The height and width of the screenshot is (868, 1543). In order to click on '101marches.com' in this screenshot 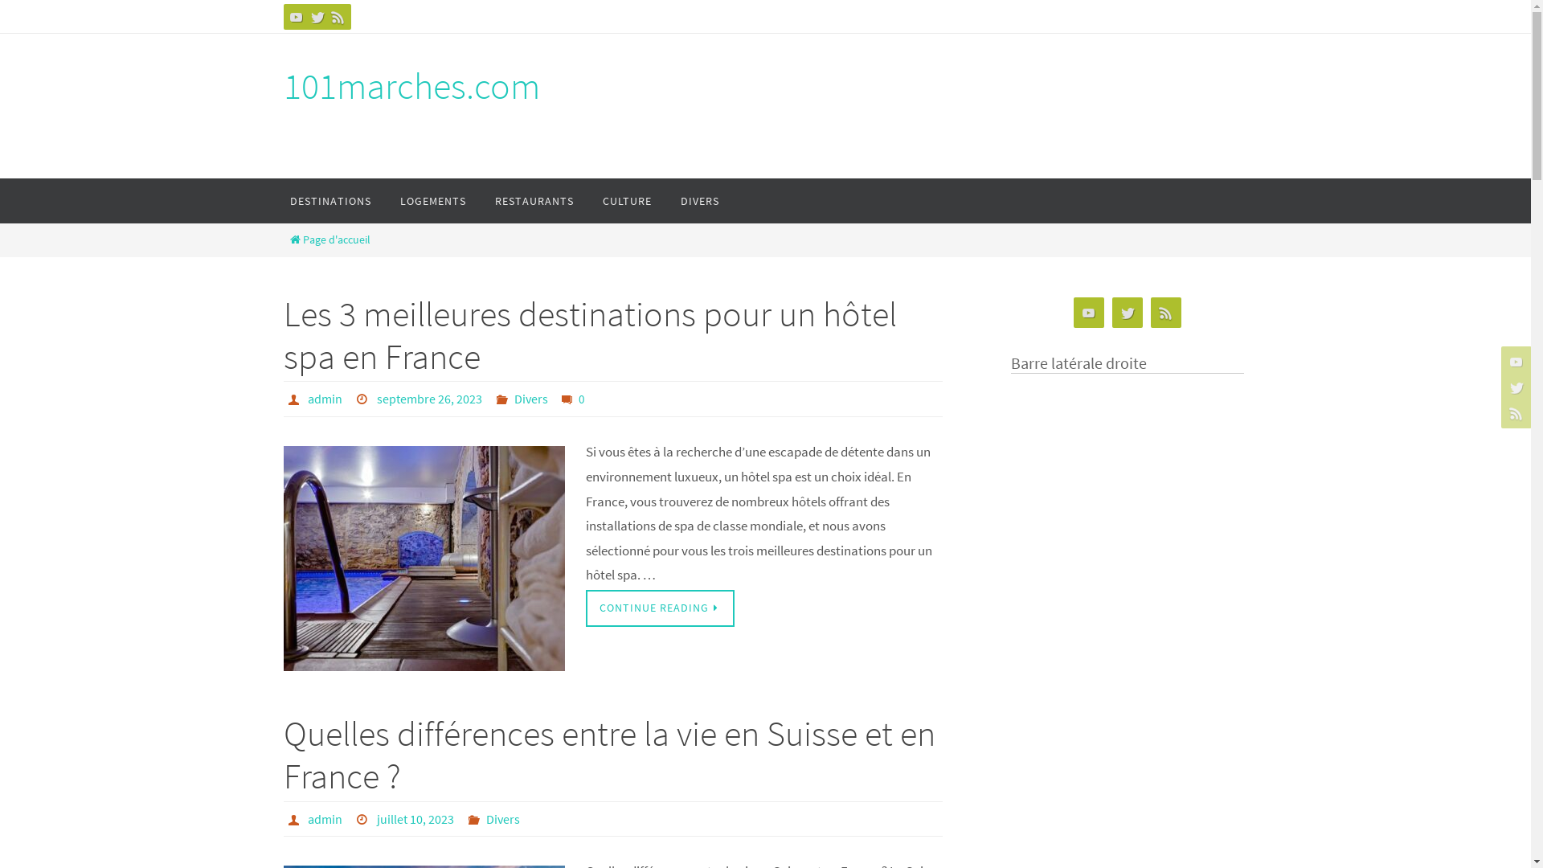, I will do `click(411, 86)`.